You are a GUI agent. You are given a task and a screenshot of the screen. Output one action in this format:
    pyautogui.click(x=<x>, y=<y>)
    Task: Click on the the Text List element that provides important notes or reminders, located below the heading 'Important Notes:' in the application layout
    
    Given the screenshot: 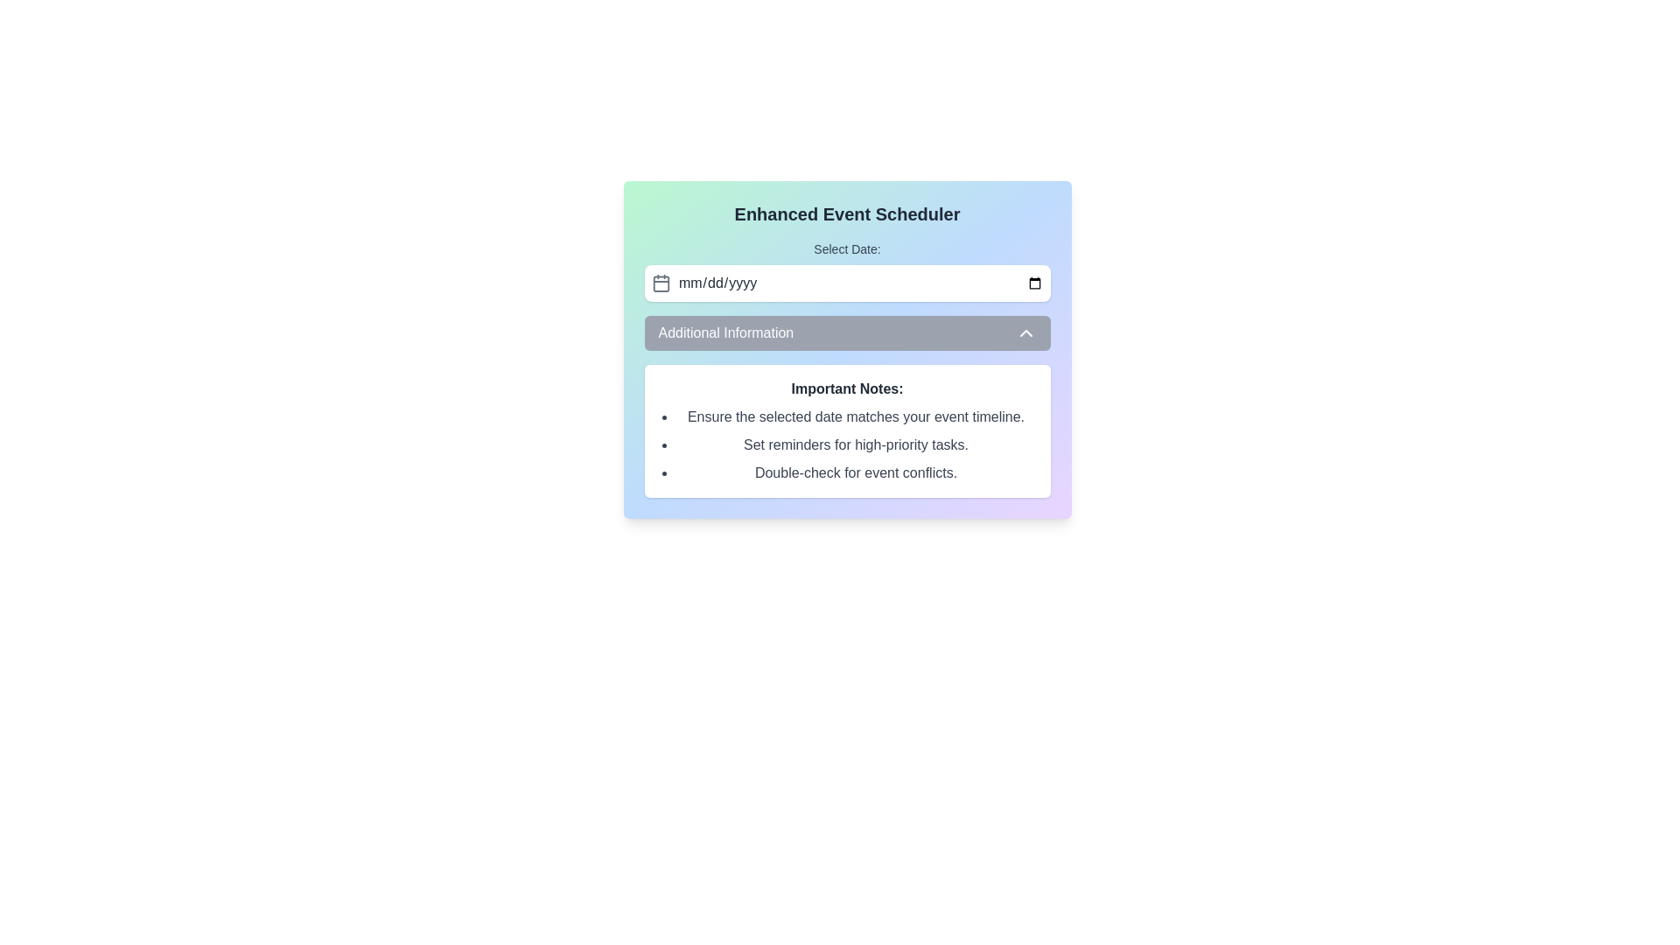 What is the action you would take?
    pyautogui.click(x=847, y=444)
    